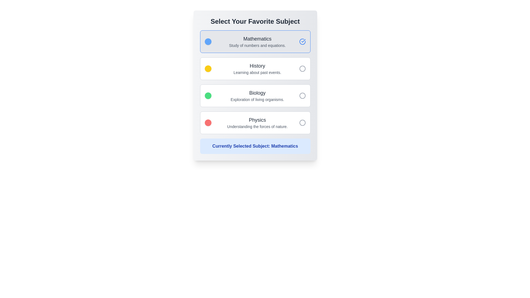 The width and height of the screenshot is (530, 298). Describe the element at coordinates (257, 127) in the screenshot. I see `the informative description text for the 'Physics' category, which is positioned directly below the title 'Physics' in the vertical list of selectable subject categories` at that location.